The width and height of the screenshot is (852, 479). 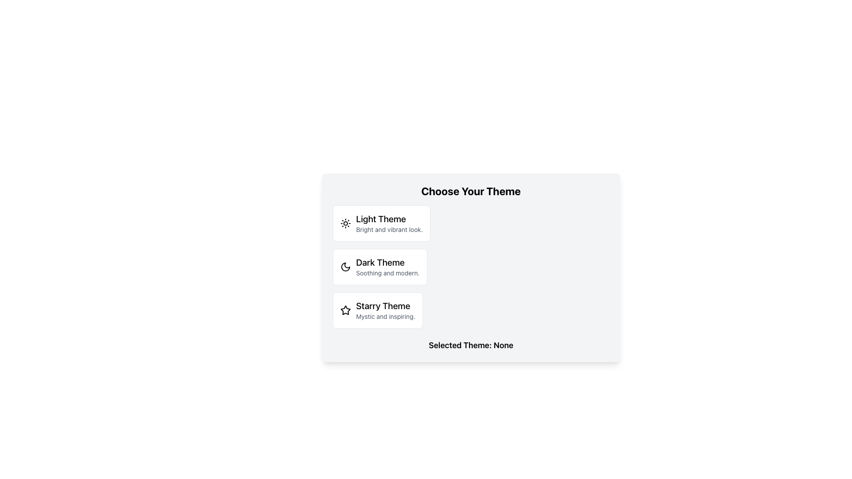 What do you see at coordinates (388, 273) in the screenshot?
I see `the text label displaying 'Soothing and modern.' which provides descriptive information about the 'Dark Theme' option` at bounding box center [388, 273].